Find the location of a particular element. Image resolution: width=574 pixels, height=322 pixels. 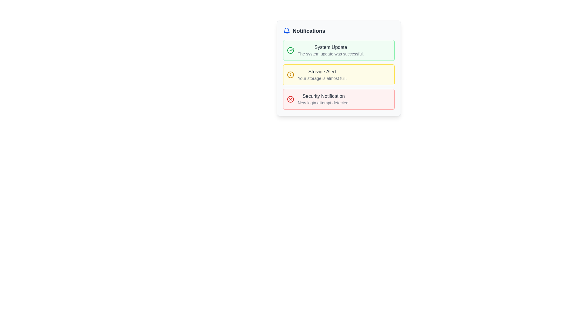

the text label that states 'The system update was successful.' located below the header 'System Update' in a green notification box is located at coordinates (330, 54).